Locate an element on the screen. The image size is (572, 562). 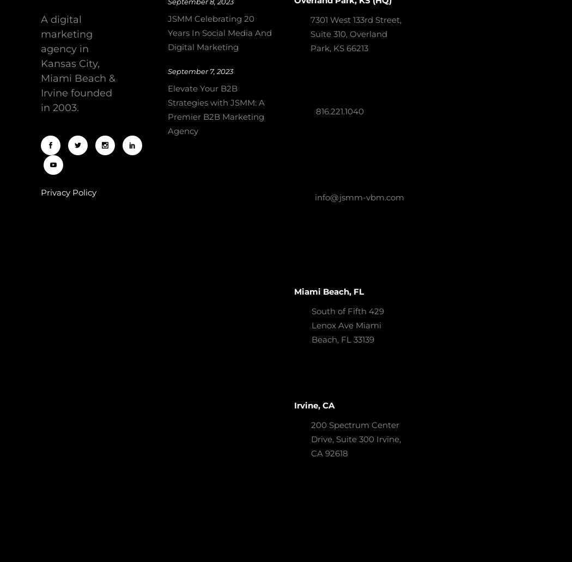
'JSMM Celebrating 20 Years In Social Media And Digital Marketing' is located at coordinates (219, 33).